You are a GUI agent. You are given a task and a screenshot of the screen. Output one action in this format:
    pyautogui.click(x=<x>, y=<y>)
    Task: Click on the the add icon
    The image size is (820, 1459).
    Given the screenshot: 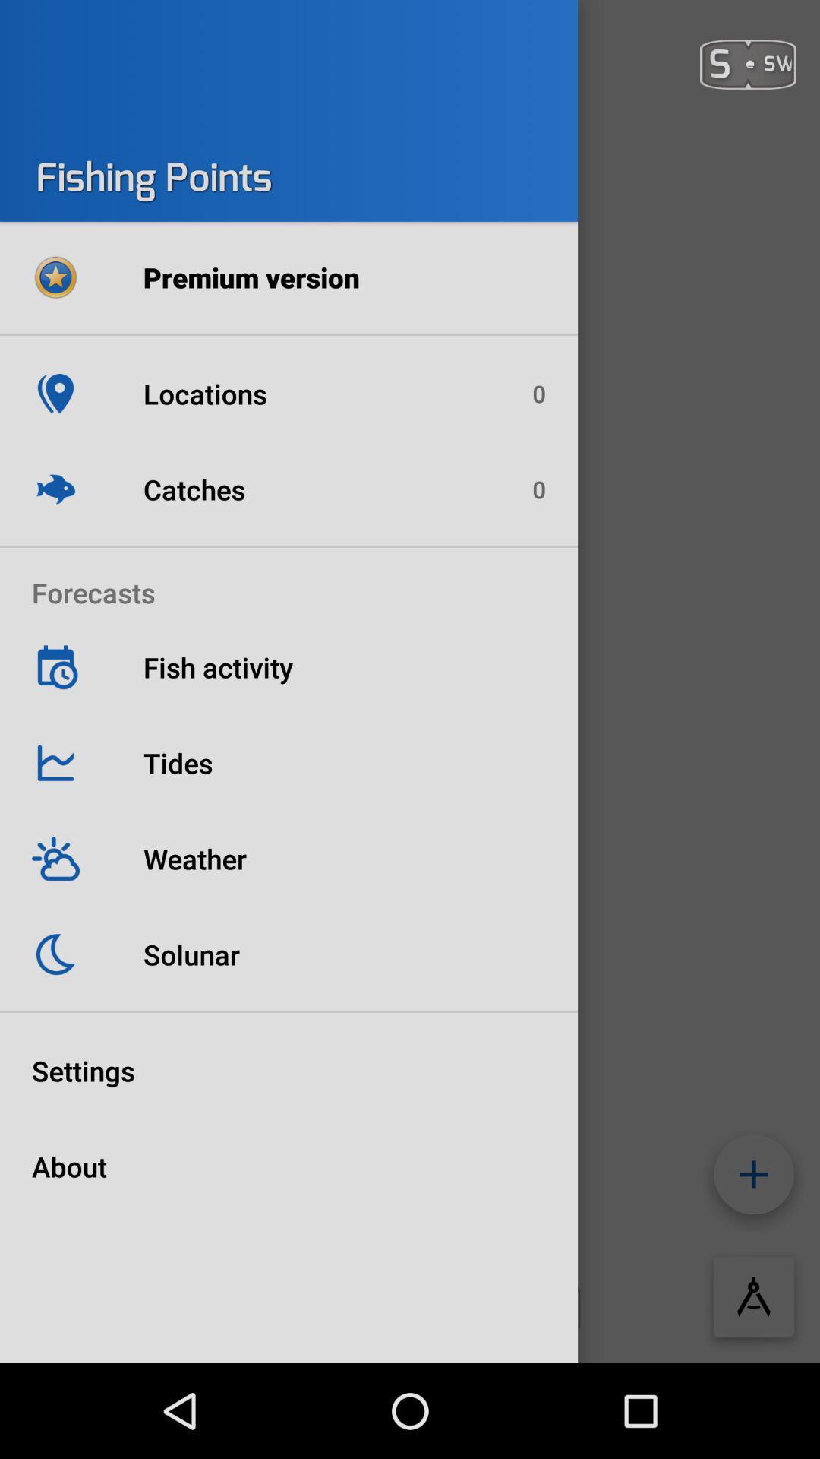 What is the action you would take?
    pyautogui.click(x=753, y=1173)
    